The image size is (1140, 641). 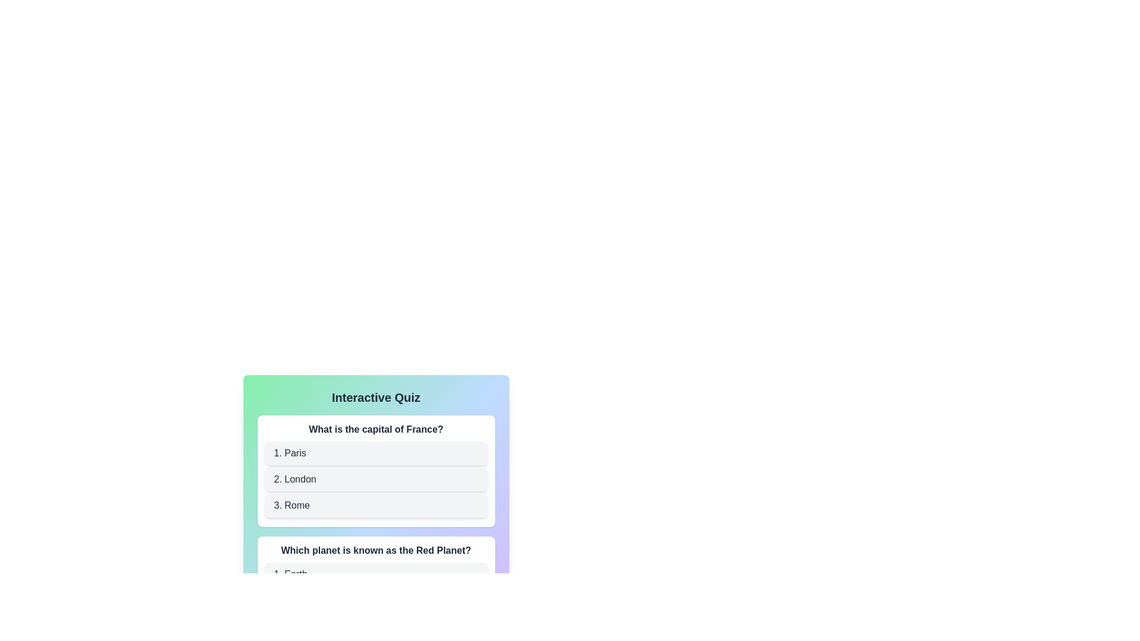 What do you see at coordinates (375, 626) in the screenshot?
I see `the third choice button for the question 'Which planet is known as the Red Planet?'` at bounding box center [375, 626].